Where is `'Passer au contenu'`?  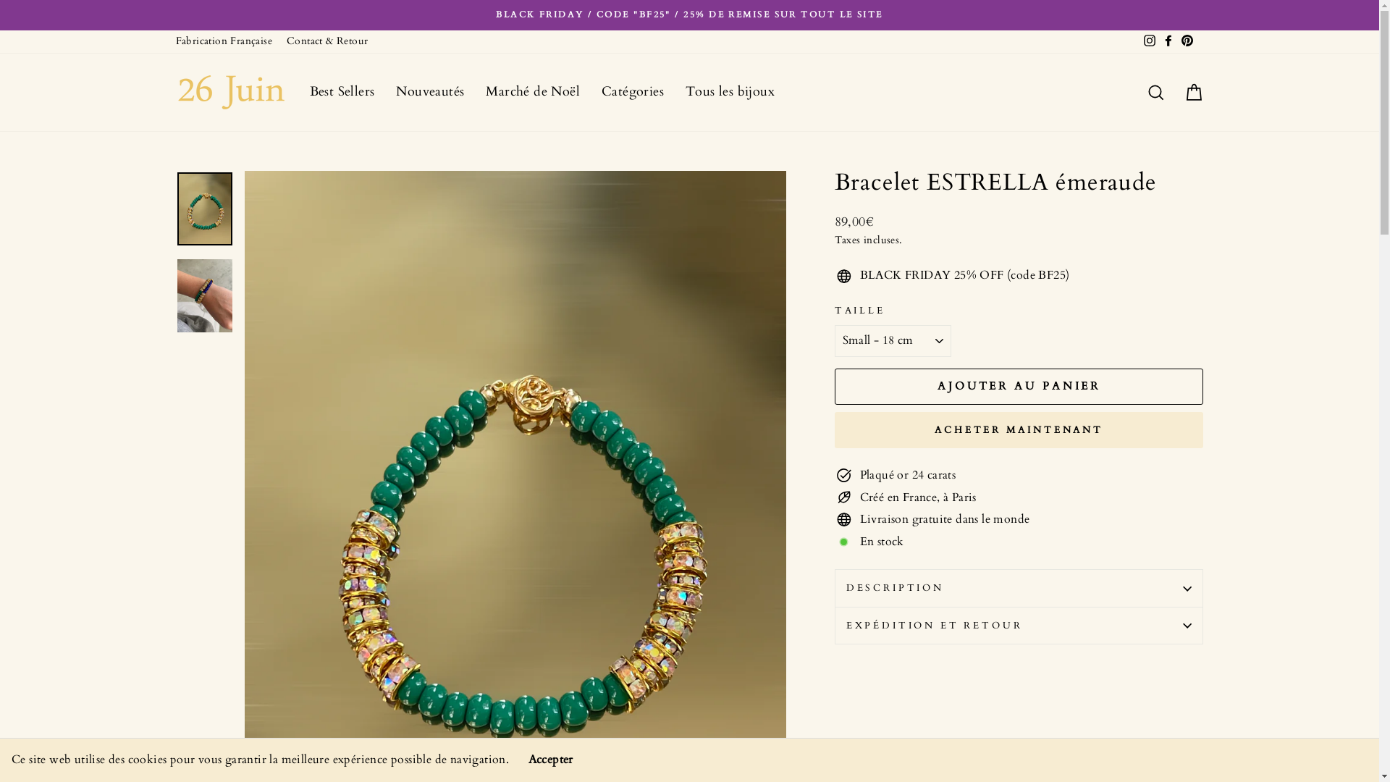
'Passer au contenu' is located at coordinates (0, 0).